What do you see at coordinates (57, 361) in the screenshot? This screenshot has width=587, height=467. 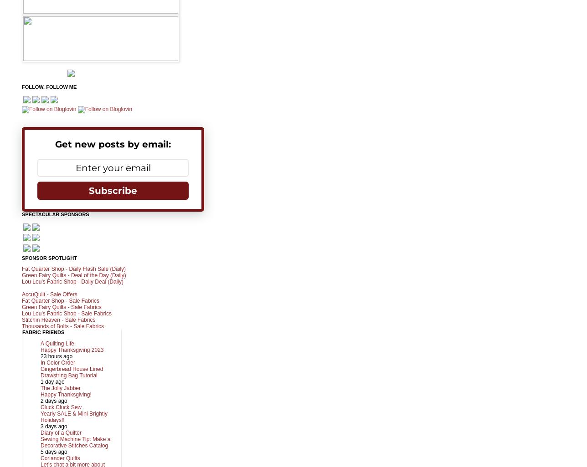 I see `'In Color Order'` at bounding box center [57, 361].